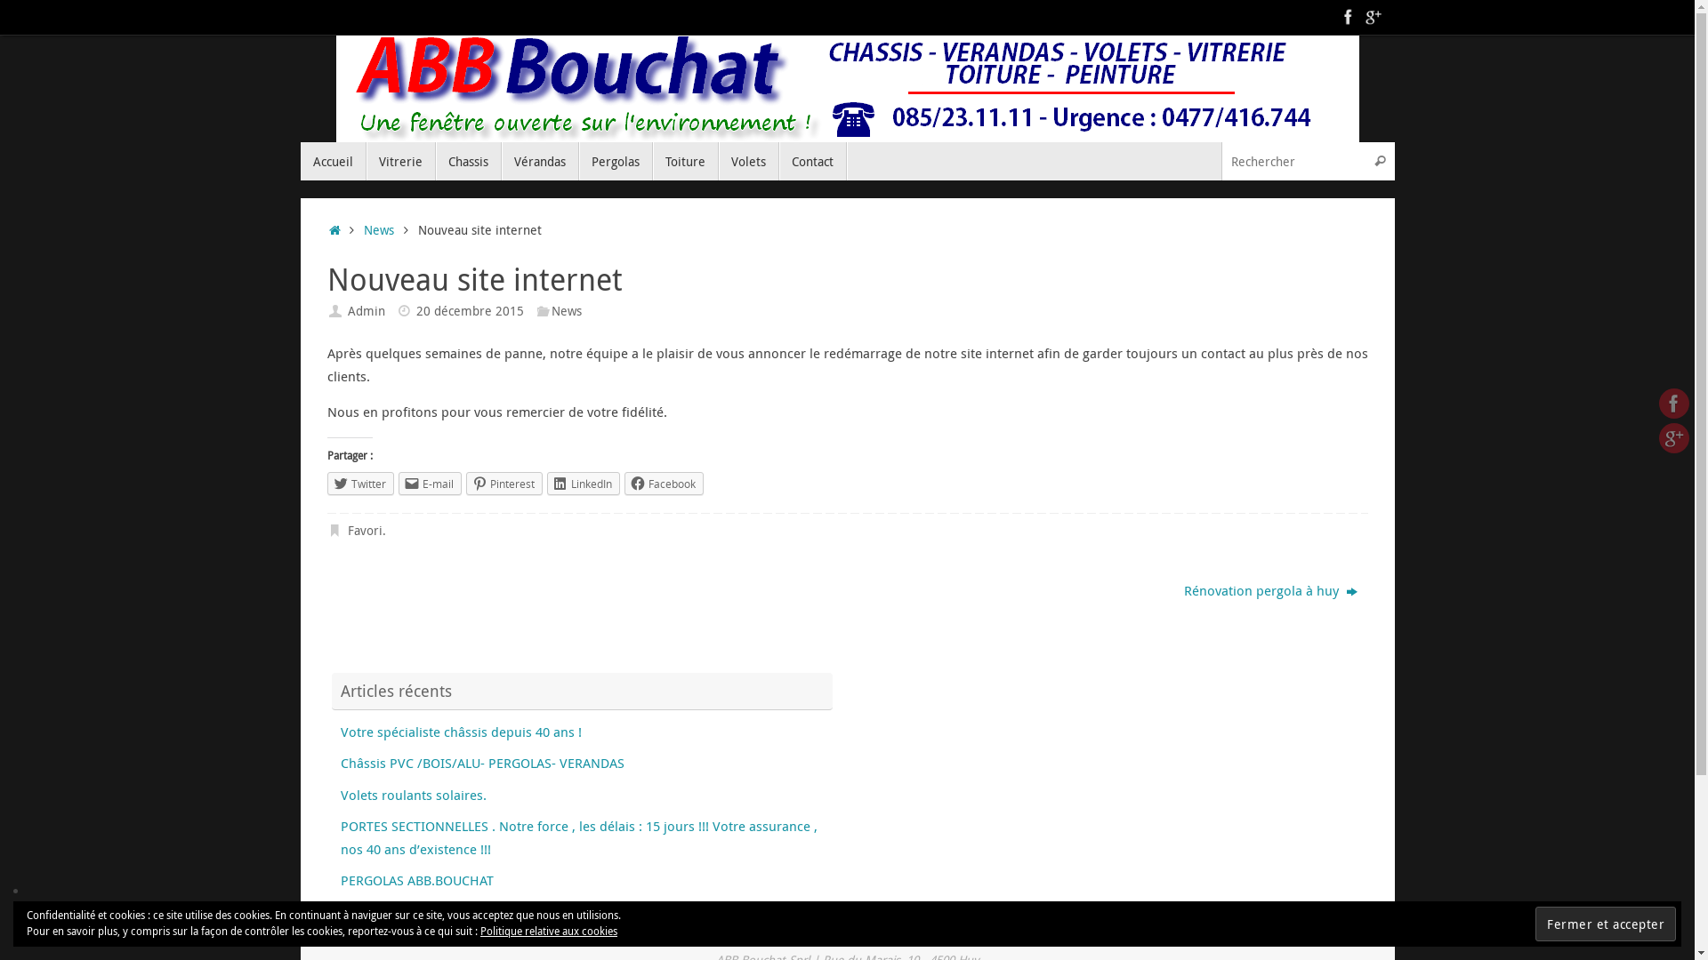  Describe the element at coordinates (403, 308) in the screenshot. I see `'Date'` at that location.